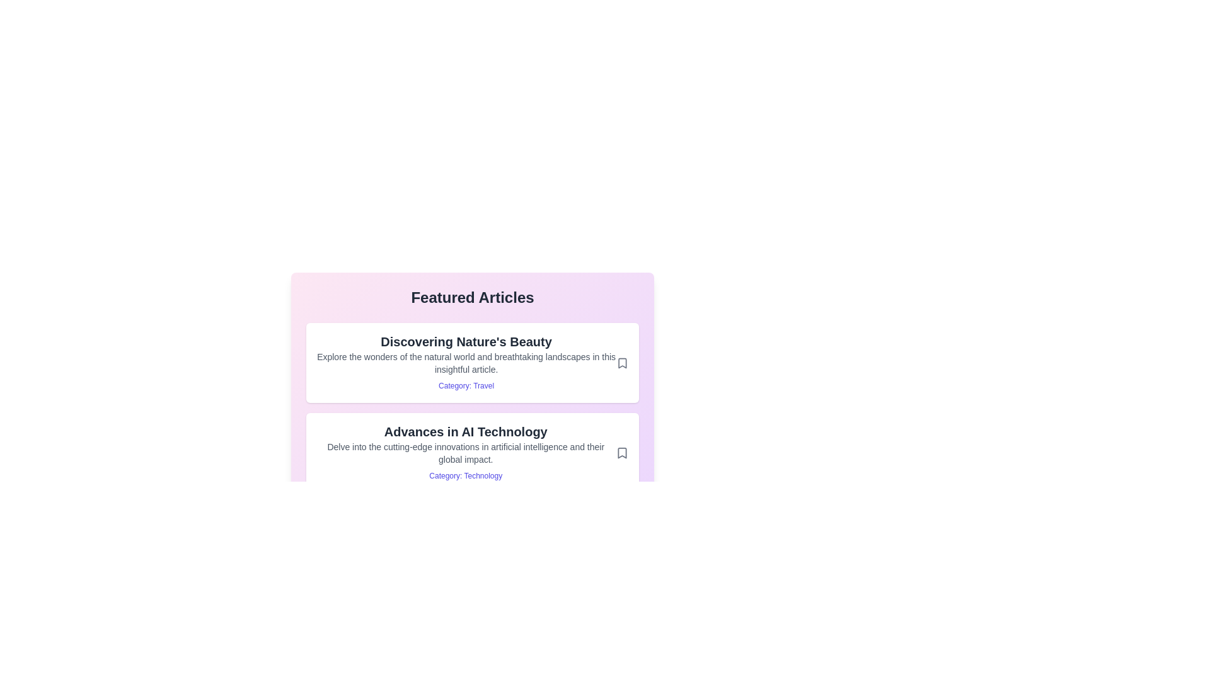 The image size is (1210, 680). I want to click on the article titled 'Advances in AI Technology', so click(471, 452).